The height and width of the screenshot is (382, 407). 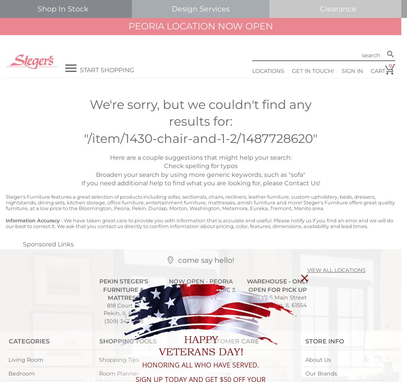 I want to click on 'Our Brands', so click(x=321, y=373).